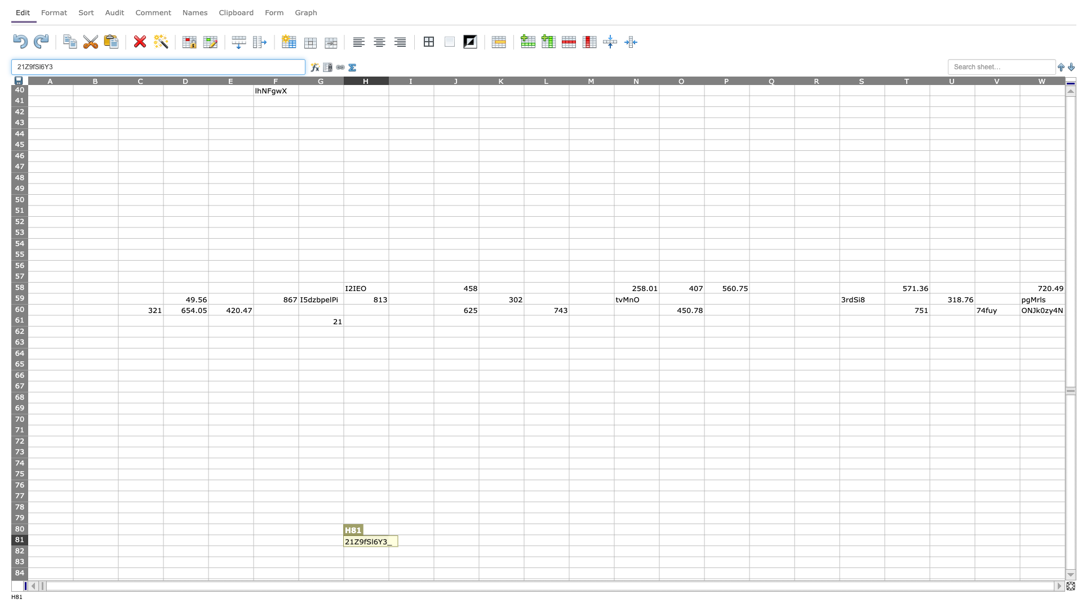 This screenshot has height=608, width=1082. What do you see at coordinates (433, 539) in the screenshot?
I see `Right edge at position I81` at bounding box center [433, 539].